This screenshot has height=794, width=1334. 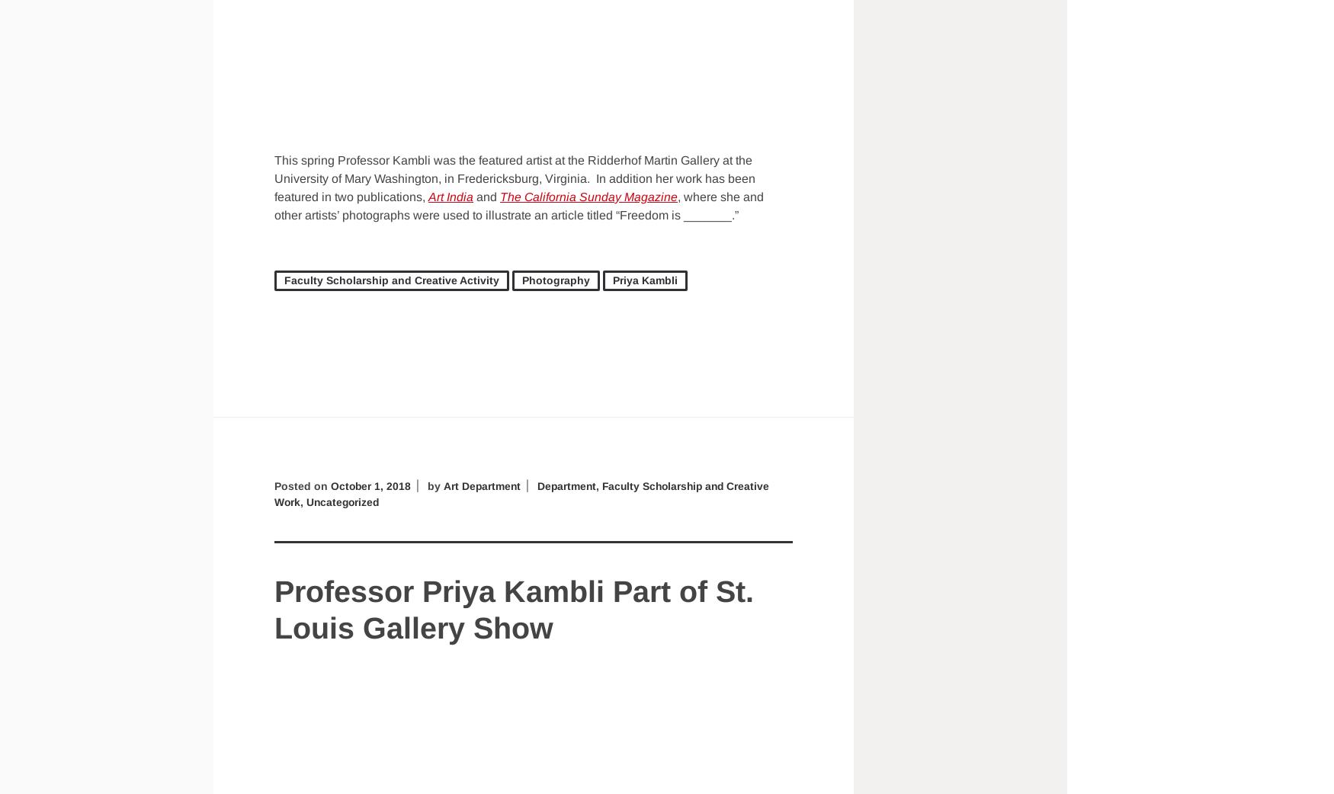 I want to click on 'Magazine', so click(x=649, y=195).